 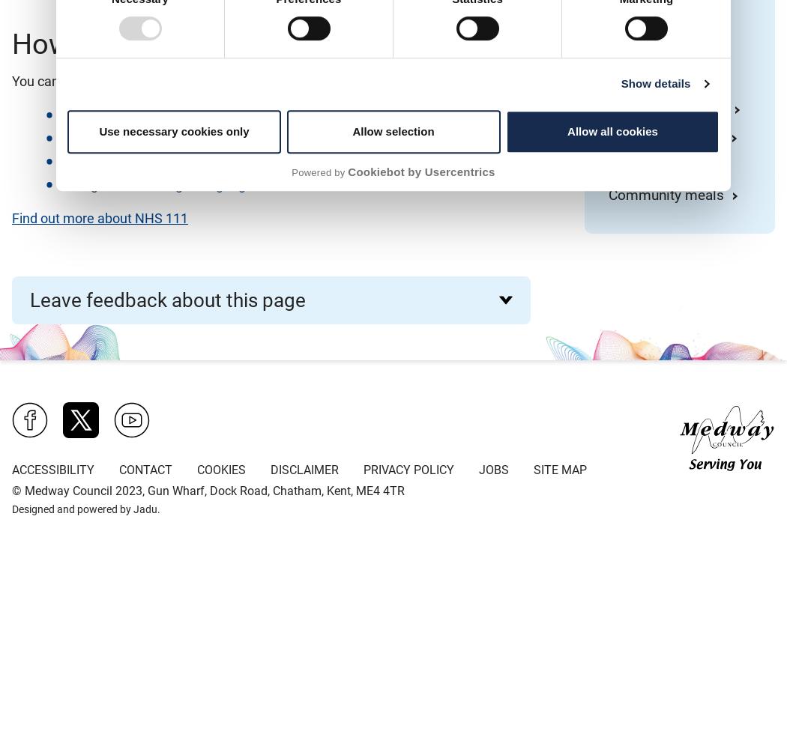 I want to click on 'Jobs', so click(x=492, y=470).